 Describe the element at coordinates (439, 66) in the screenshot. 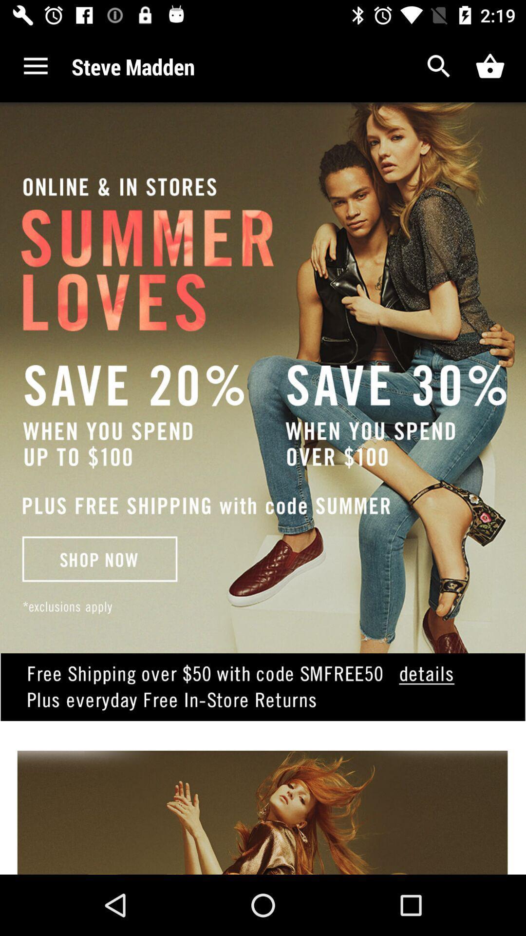

I see `zoom option` at that location.